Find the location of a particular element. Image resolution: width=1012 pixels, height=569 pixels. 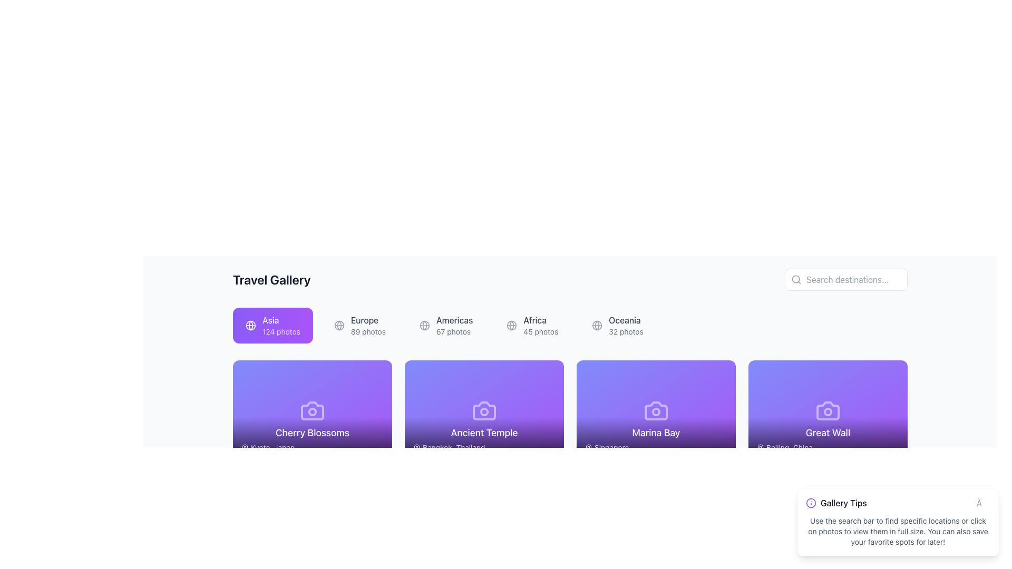

the 'Ancient Temple' text label, which is displayed in white on a purple-to-transparent gradient background, located at the bottom of its travel location card is located at coordinates (483, 433).